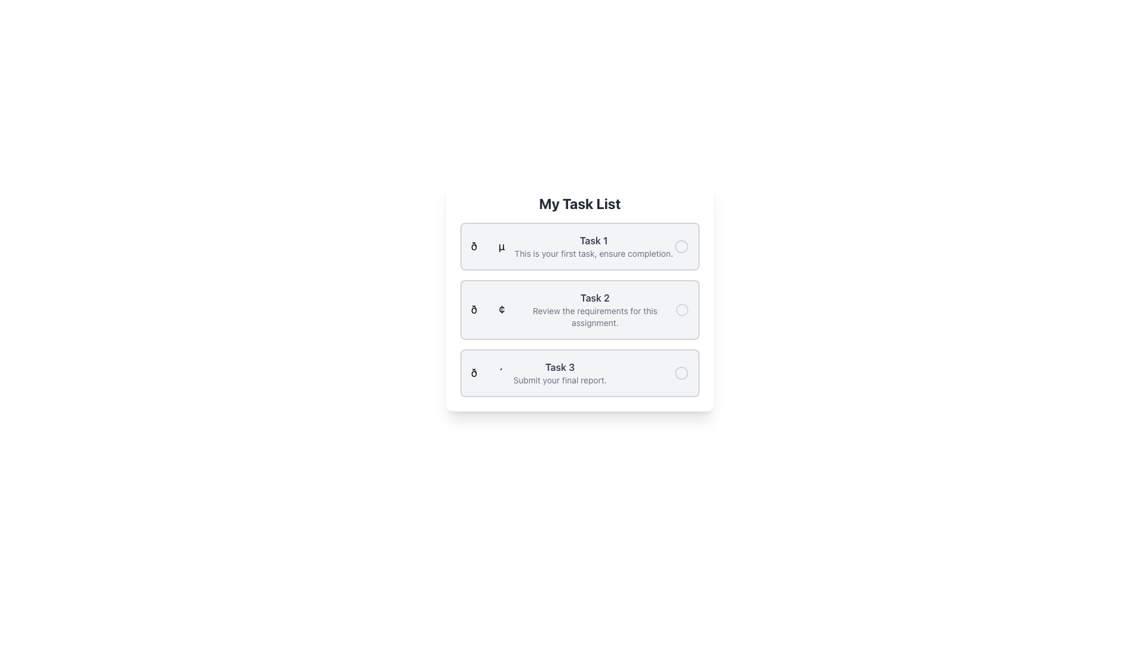  I want to click on descriptive text label displayed in a smaller gray font located directly below the 'Task 2' header in the task list interface, so click(595, 317).